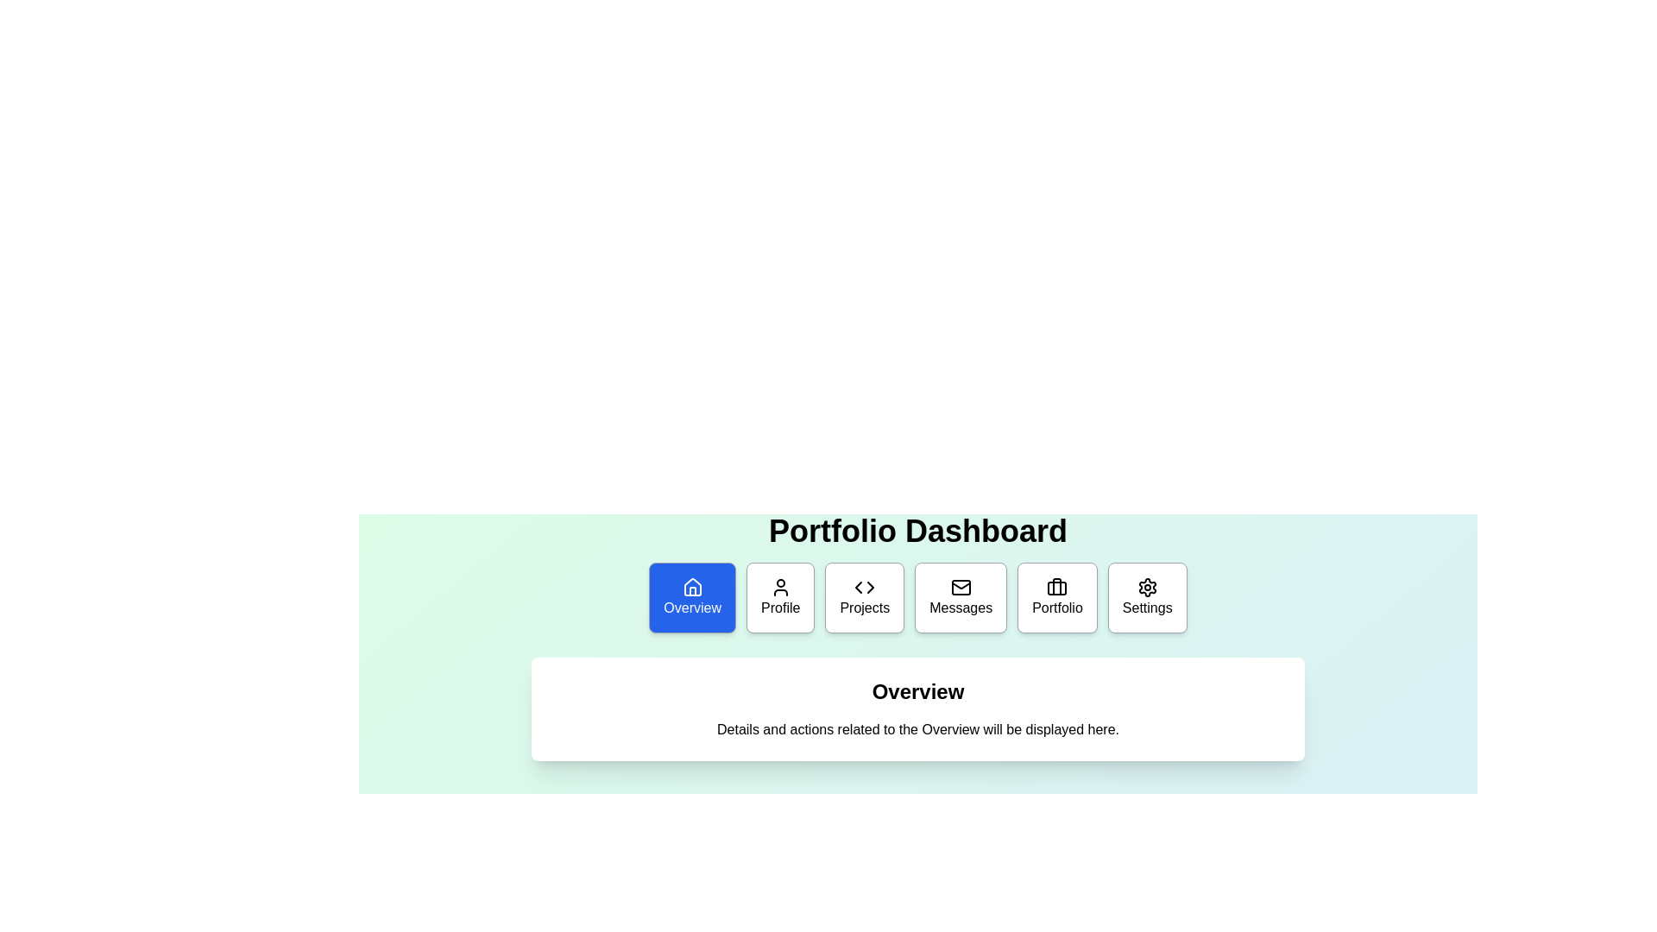 This screenshot has height=932, width=1657. I want to click on the cogwheel icon representing the settings functionality located on the far-right side of the navigation buttons, so click(1147, 587).